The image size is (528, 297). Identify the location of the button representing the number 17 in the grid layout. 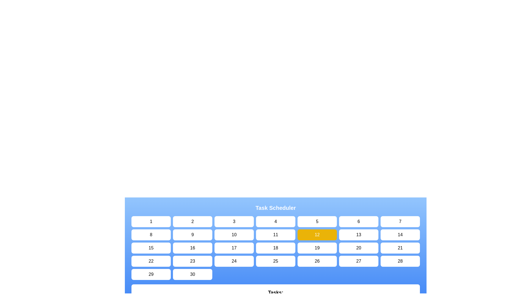
(234, 248).